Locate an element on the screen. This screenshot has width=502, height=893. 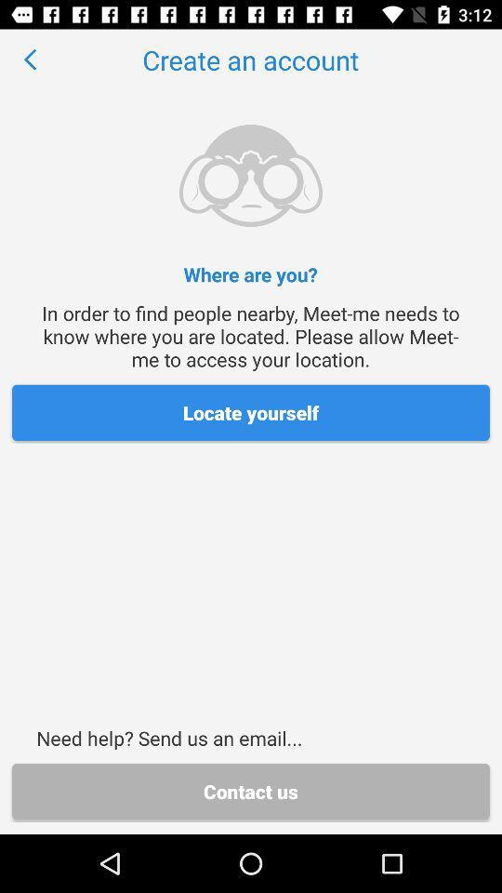
the contact us is located at coordinates (251, 791).